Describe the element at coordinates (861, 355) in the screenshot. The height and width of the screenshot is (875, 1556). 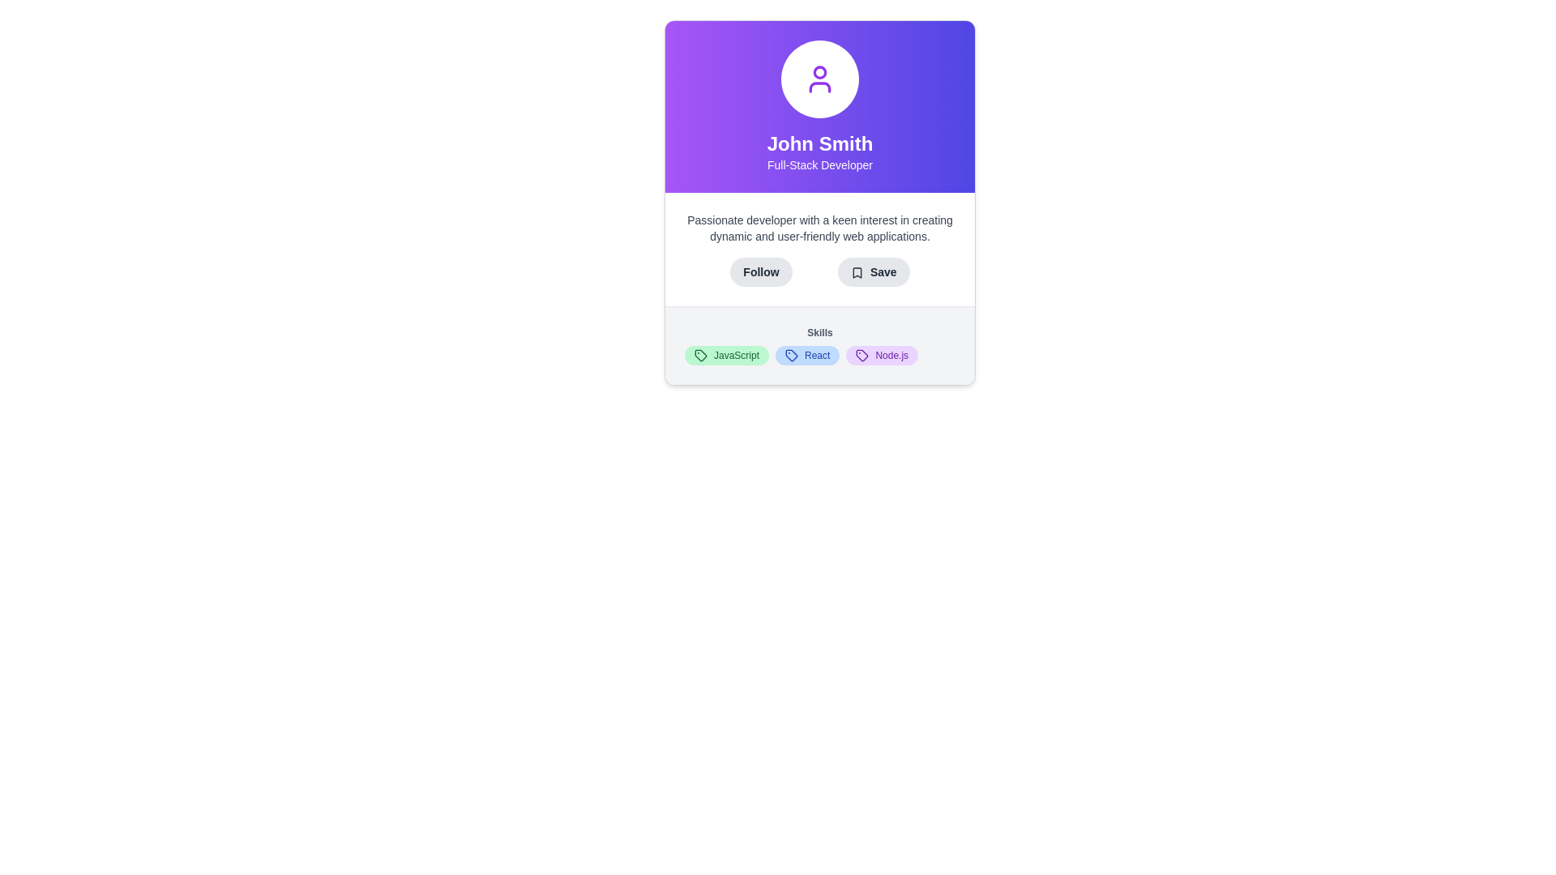
I see `the 'Node.js' skill icon located in the 'Skills' section of the card, which is the first component of the 'Node.js' badge` at that location.